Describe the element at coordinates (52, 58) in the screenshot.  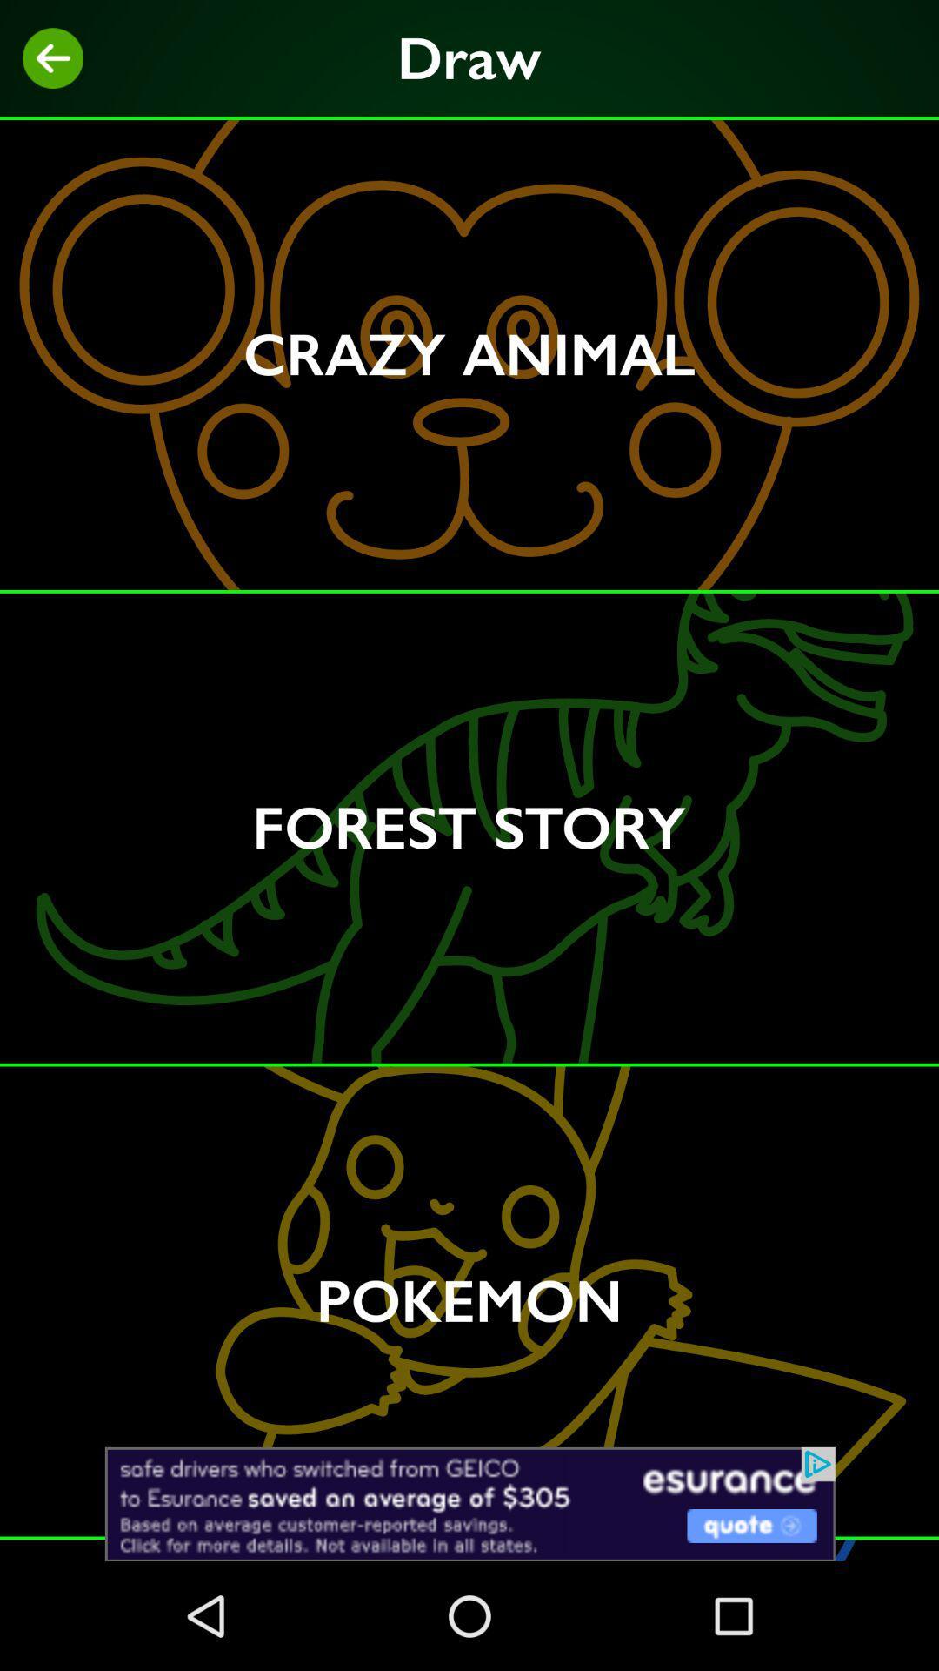
I see `previous` at that location.